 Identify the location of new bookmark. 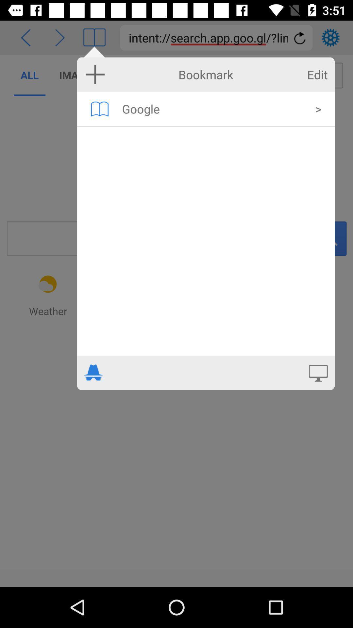
(95, 74).